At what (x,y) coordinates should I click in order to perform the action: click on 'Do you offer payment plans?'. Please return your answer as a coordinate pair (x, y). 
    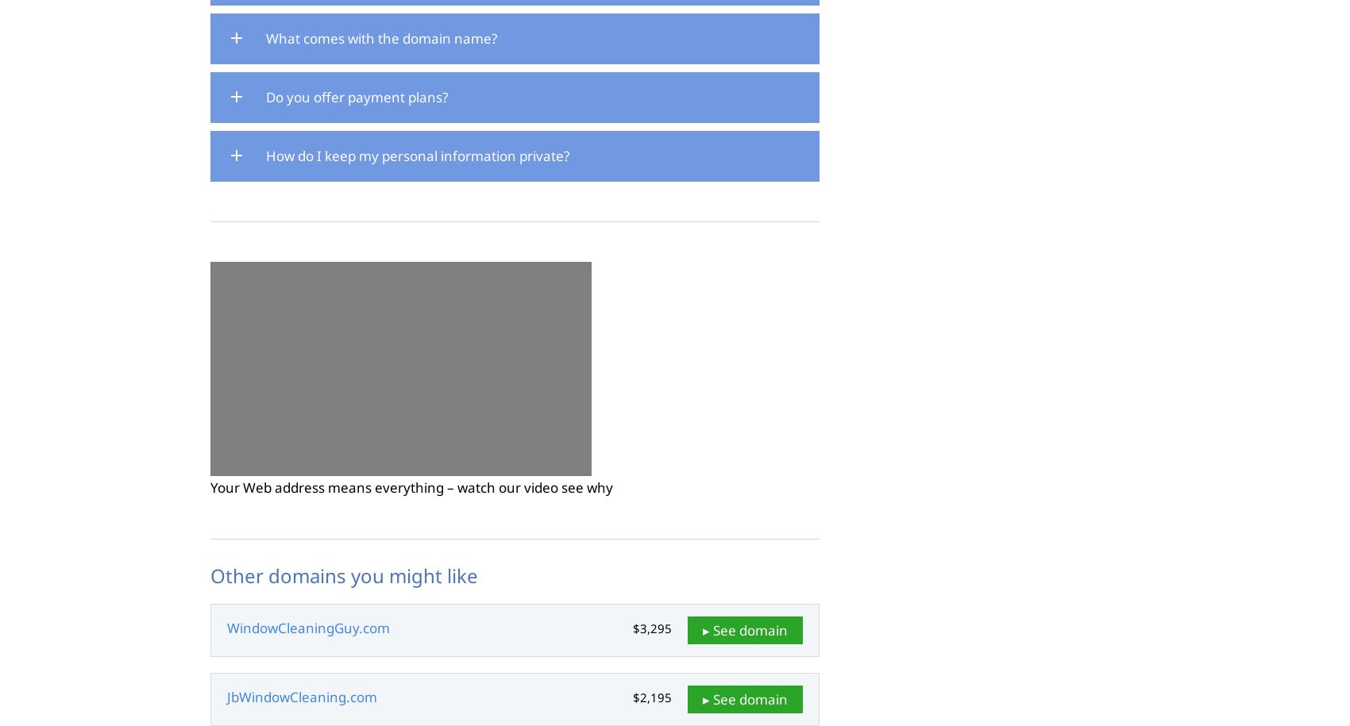
    Looking at the image, I should click on (357, 97).